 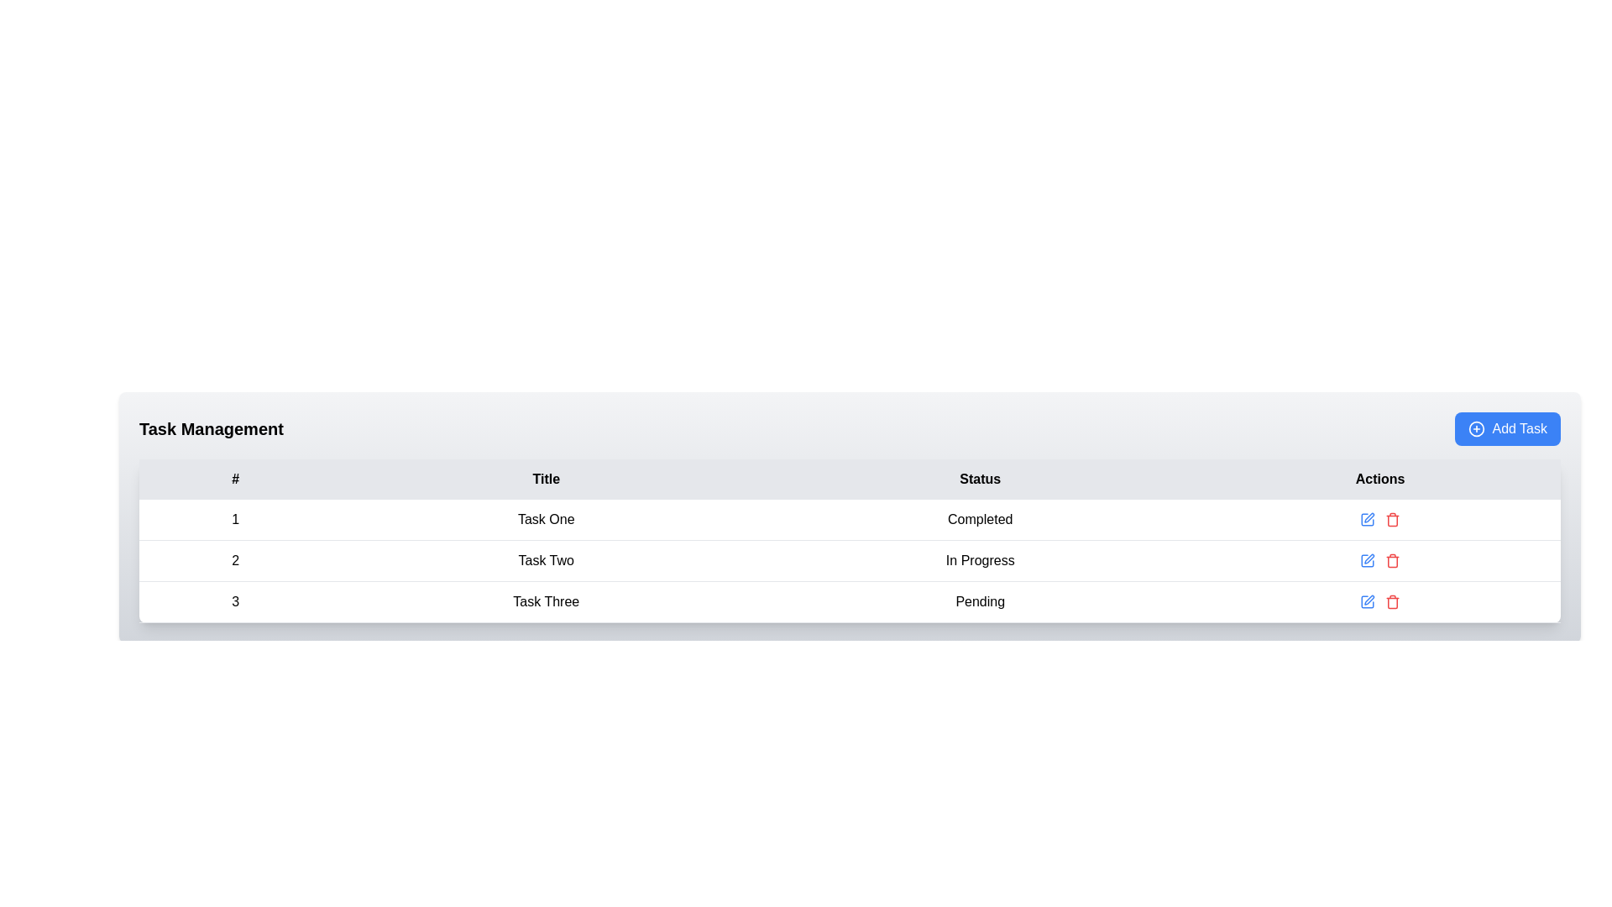 What do you see at coordinates (546, 601) in the screenshot?
I see `the static title of the third task in the task management table, located in the third row under the 'Title' column, which is positioned horizontally between '3' and 'Pending'` at bounding box center [546, 601].